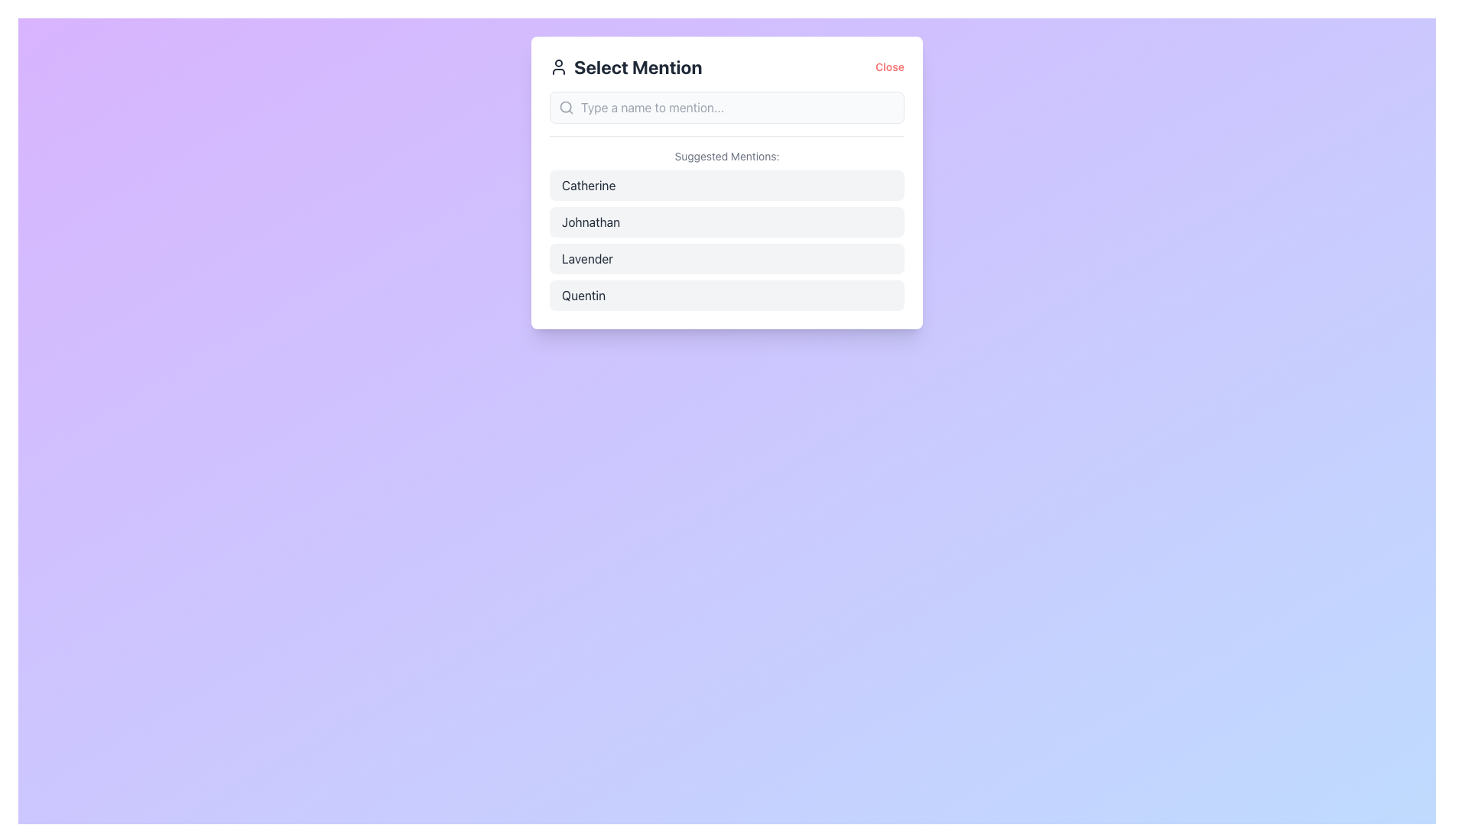  Describe the element at coordinates (565, 107) in the screenshot. I see `the small gray magnifying glass icon located at the left side of the input field in the 'Select Mention' section of the modal` at that location.